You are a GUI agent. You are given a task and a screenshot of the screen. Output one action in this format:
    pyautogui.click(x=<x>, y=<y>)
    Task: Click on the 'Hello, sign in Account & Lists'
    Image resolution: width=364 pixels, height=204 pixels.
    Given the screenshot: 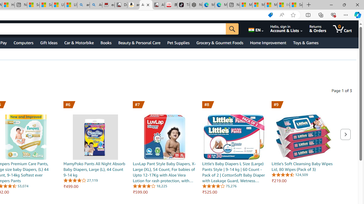 What is the action you would take?
    pyautogui.click(x=286, y=29)
    